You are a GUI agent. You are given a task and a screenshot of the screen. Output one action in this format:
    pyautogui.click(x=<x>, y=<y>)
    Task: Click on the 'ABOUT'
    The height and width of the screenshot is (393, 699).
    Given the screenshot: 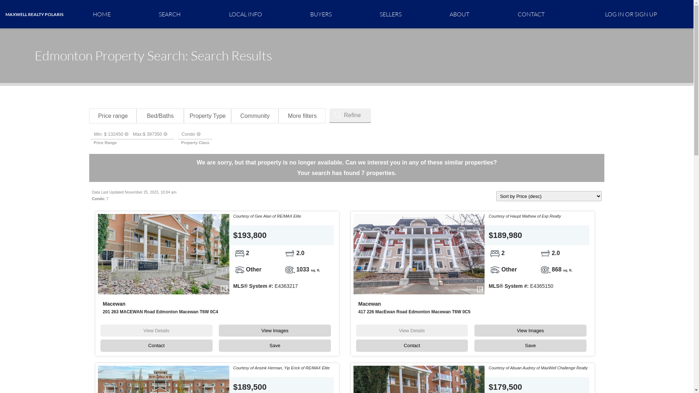 What is the action you would take?
    pyautogui.click(x=459, y=14)
    